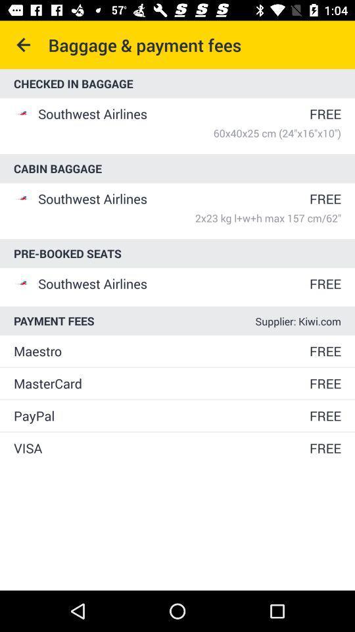 This screenshot has width=355, height=632. I want to click on item next to free item, so click(160, 448).